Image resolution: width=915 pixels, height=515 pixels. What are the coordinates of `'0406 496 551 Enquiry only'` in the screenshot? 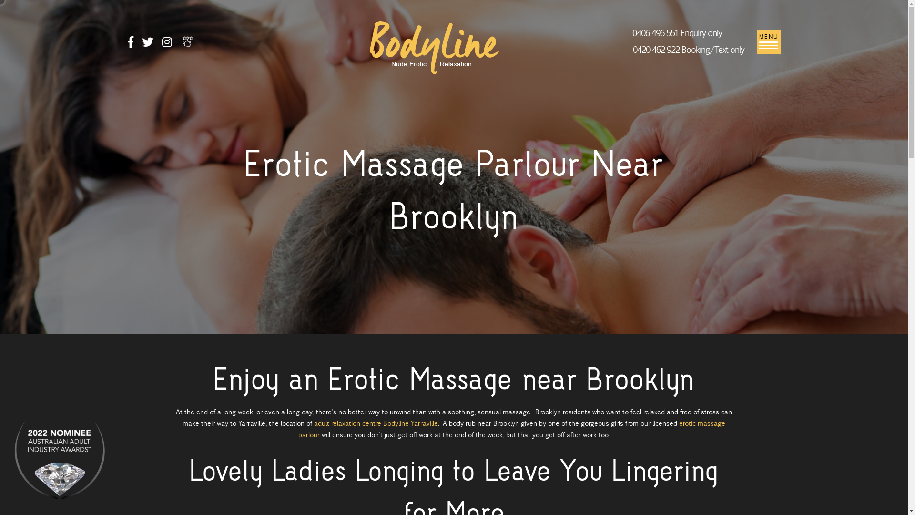 It's located at (632, 32).